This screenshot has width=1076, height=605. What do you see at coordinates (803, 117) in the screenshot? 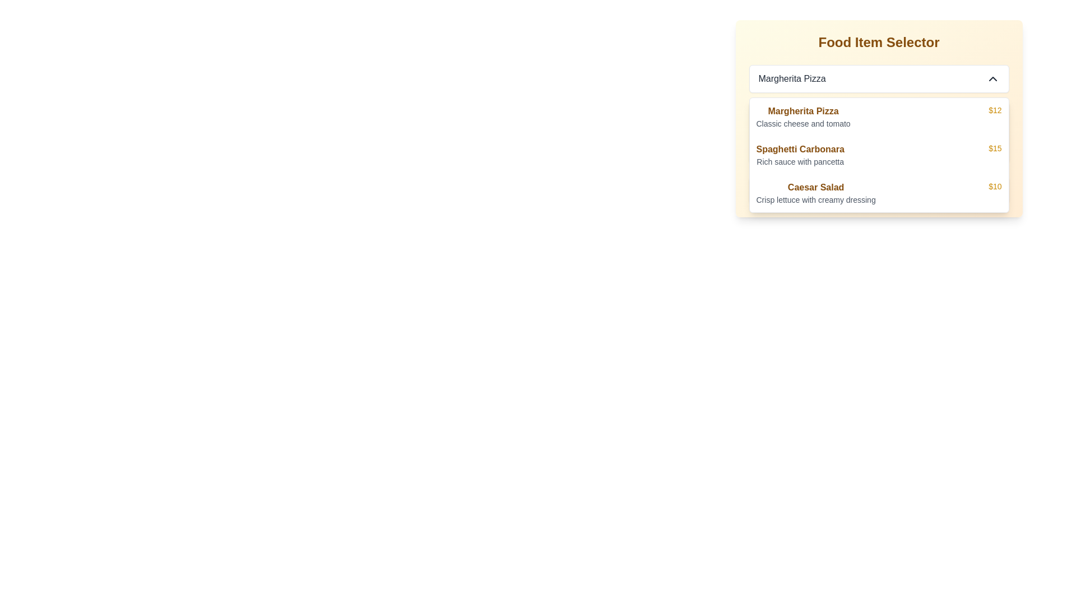
I see `the 'Margherita Pizza' text display element which shows the name and description of the dish in the food item selection interface` at bounding box center [803, 117].